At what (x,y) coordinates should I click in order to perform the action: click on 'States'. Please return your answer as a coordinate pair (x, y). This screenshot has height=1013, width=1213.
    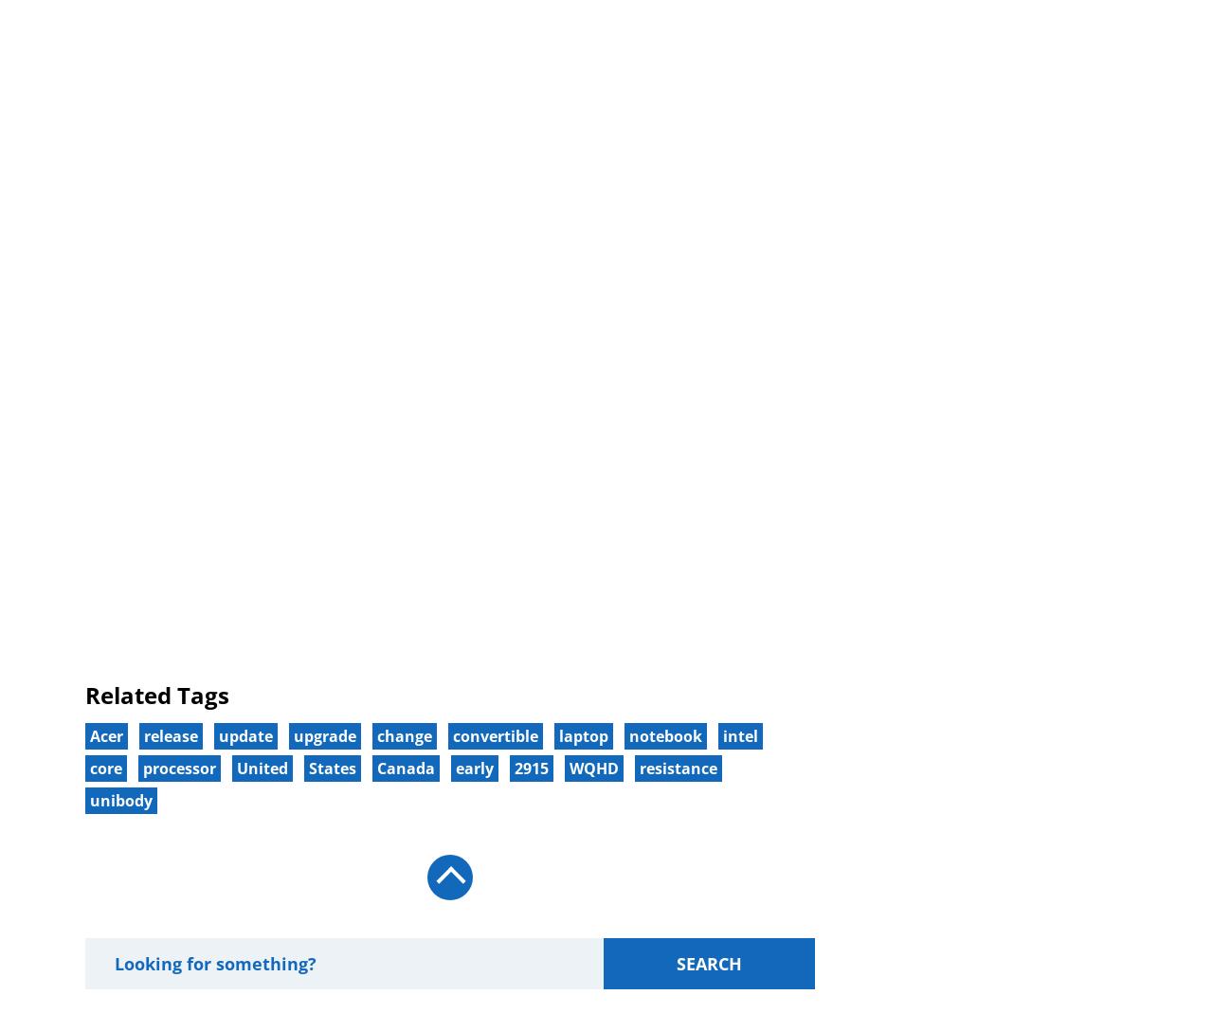
    Looking at the image, I should click on (332, 767).